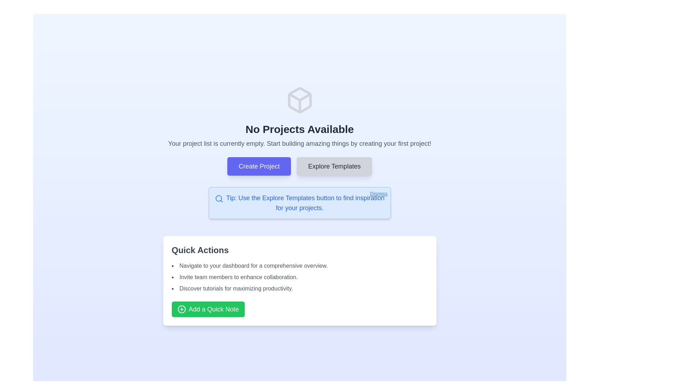 The image size is (683, 384). Describe the element at coordinates (334, 166) in the screenshot. I see `the button designed` at that location.